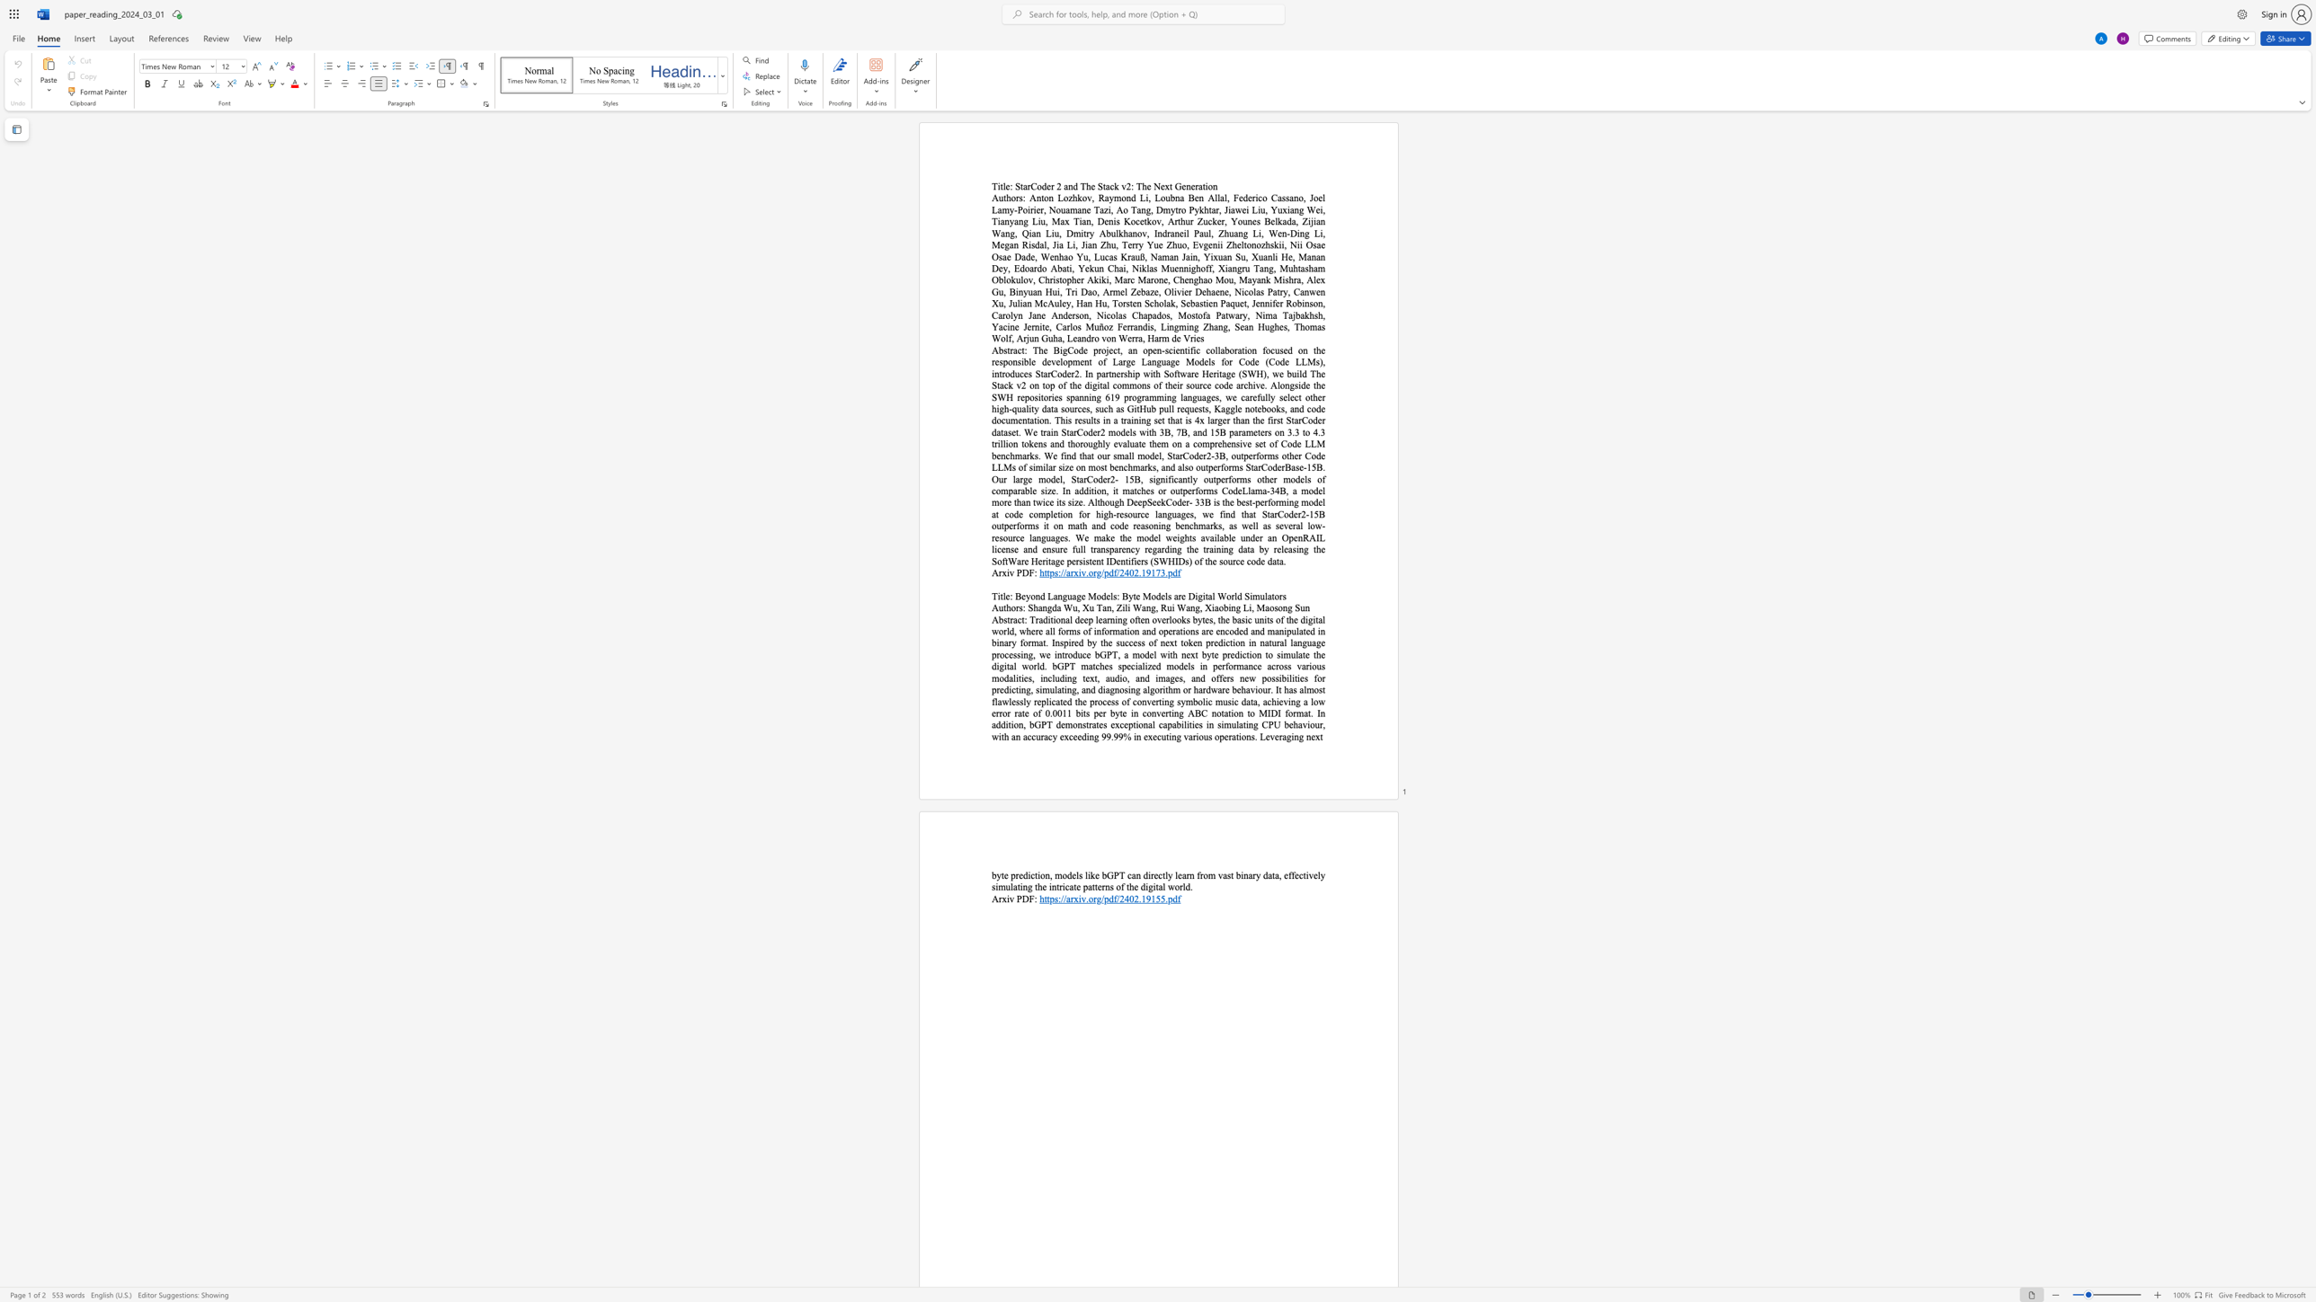  I want to click on the subset text "wo" within the text "byte prediction, models like bGPT can directly learn from vast binary data, effectively simulating the intricate patterns of the digital world.", so click(1168, 886).